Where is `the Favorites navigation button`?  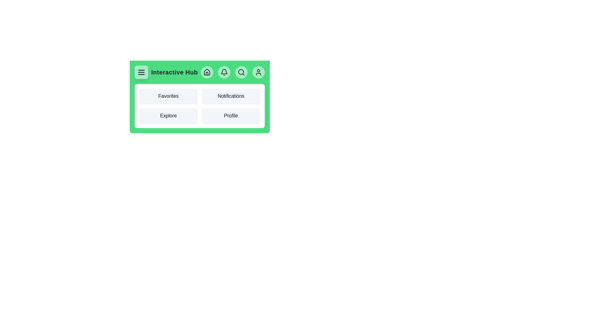
the Favorites navigation button is located at coordinates (168, 96).